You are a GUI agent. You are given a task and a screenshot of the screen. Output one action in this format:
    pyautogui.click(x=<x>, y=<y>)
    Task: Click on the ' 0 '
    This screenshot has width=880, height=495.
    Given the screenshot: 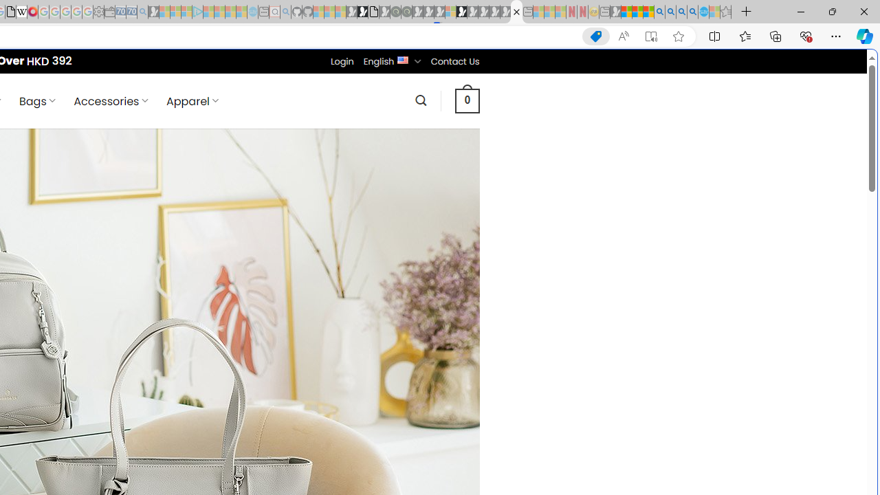 What is the action you would take?
    pyautogui.click(x=467, y=100)
    